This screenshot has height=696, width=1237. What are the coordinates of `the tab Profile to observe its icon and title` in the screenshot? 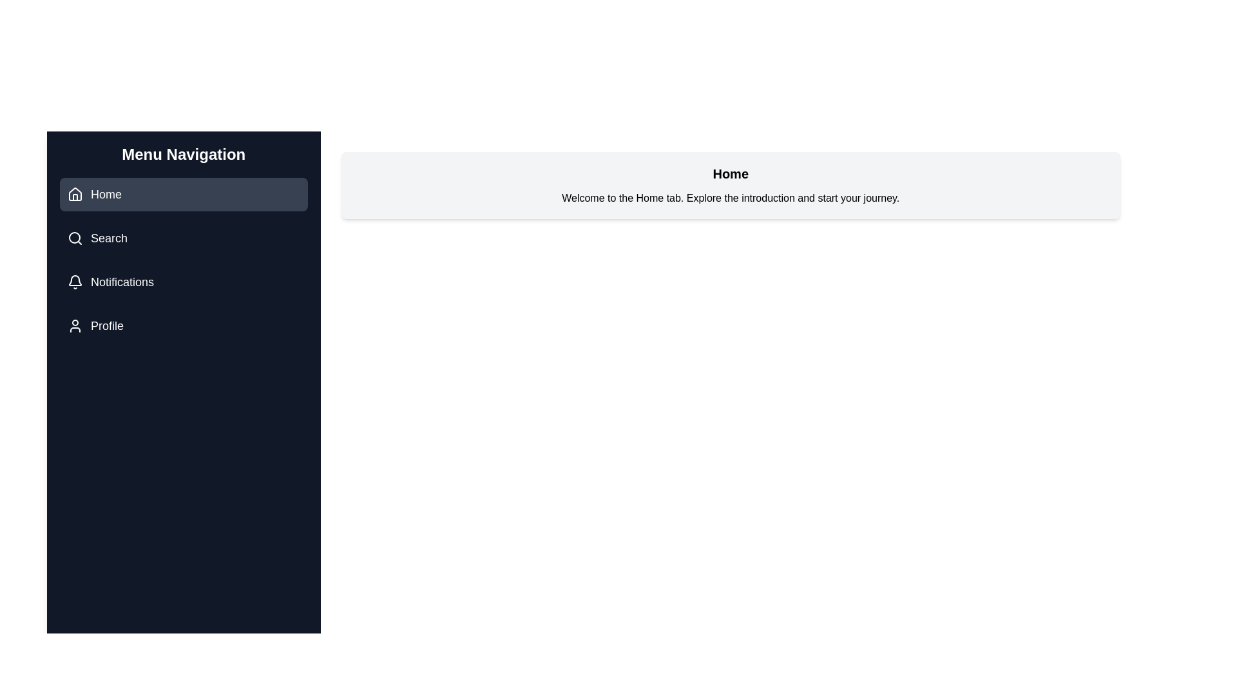 It's located at (183, 325).